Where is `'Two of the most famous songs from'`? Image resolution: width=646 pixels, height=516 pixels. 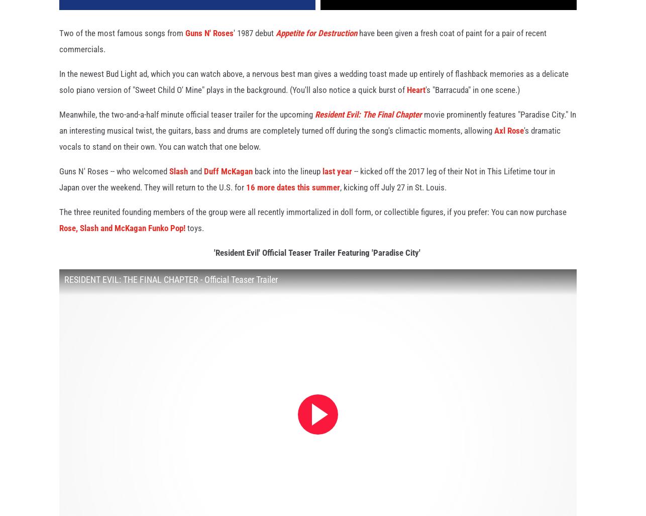
'Two of the most famous songs from' is located at coordinates (122, 44).